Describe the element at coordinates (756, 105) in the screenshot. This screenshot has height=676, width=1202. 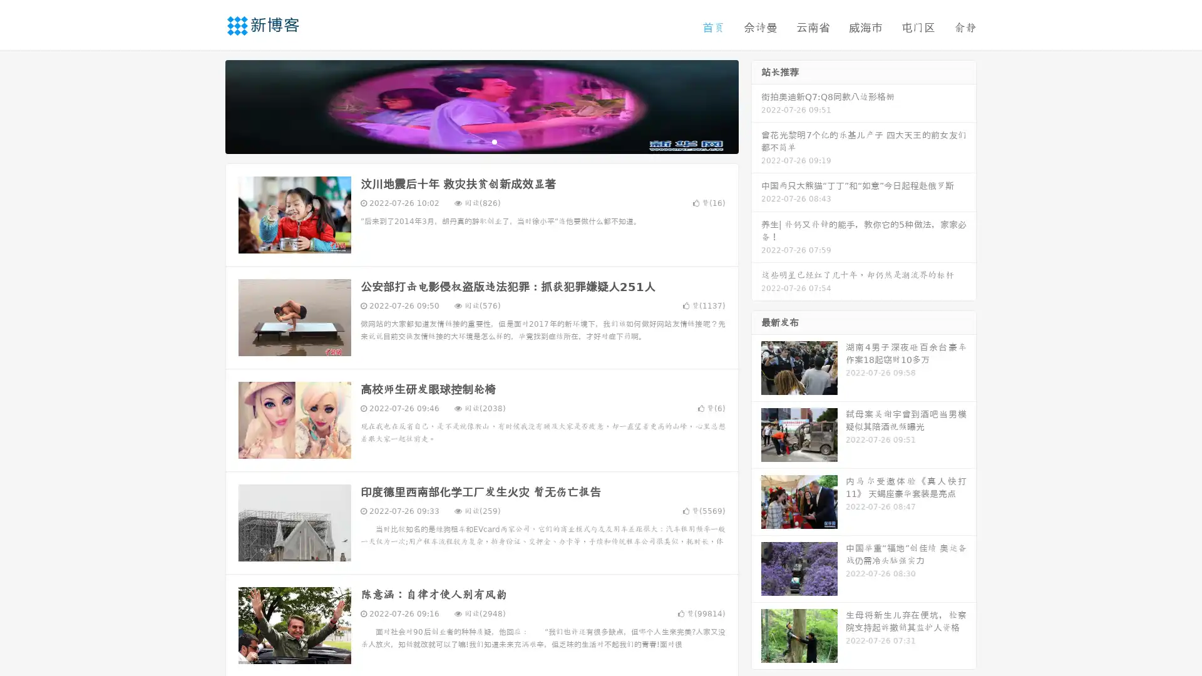
I see `Next slide` at that location.